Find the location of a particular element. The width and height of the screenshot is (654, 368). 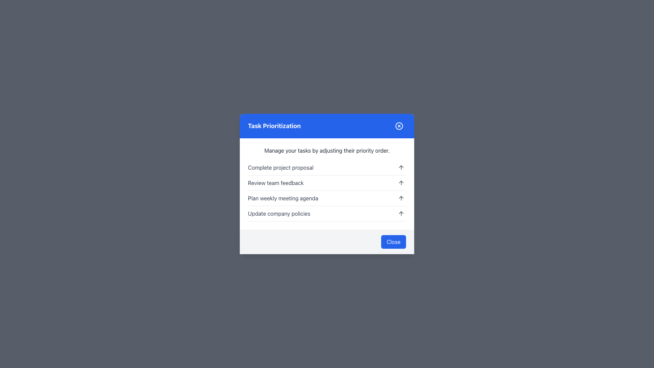

the static text element that provides guidance for managing task priorities, located at the top section of the dialog box under the 'Task Prioritization' header is located at coordinates (327, 150).